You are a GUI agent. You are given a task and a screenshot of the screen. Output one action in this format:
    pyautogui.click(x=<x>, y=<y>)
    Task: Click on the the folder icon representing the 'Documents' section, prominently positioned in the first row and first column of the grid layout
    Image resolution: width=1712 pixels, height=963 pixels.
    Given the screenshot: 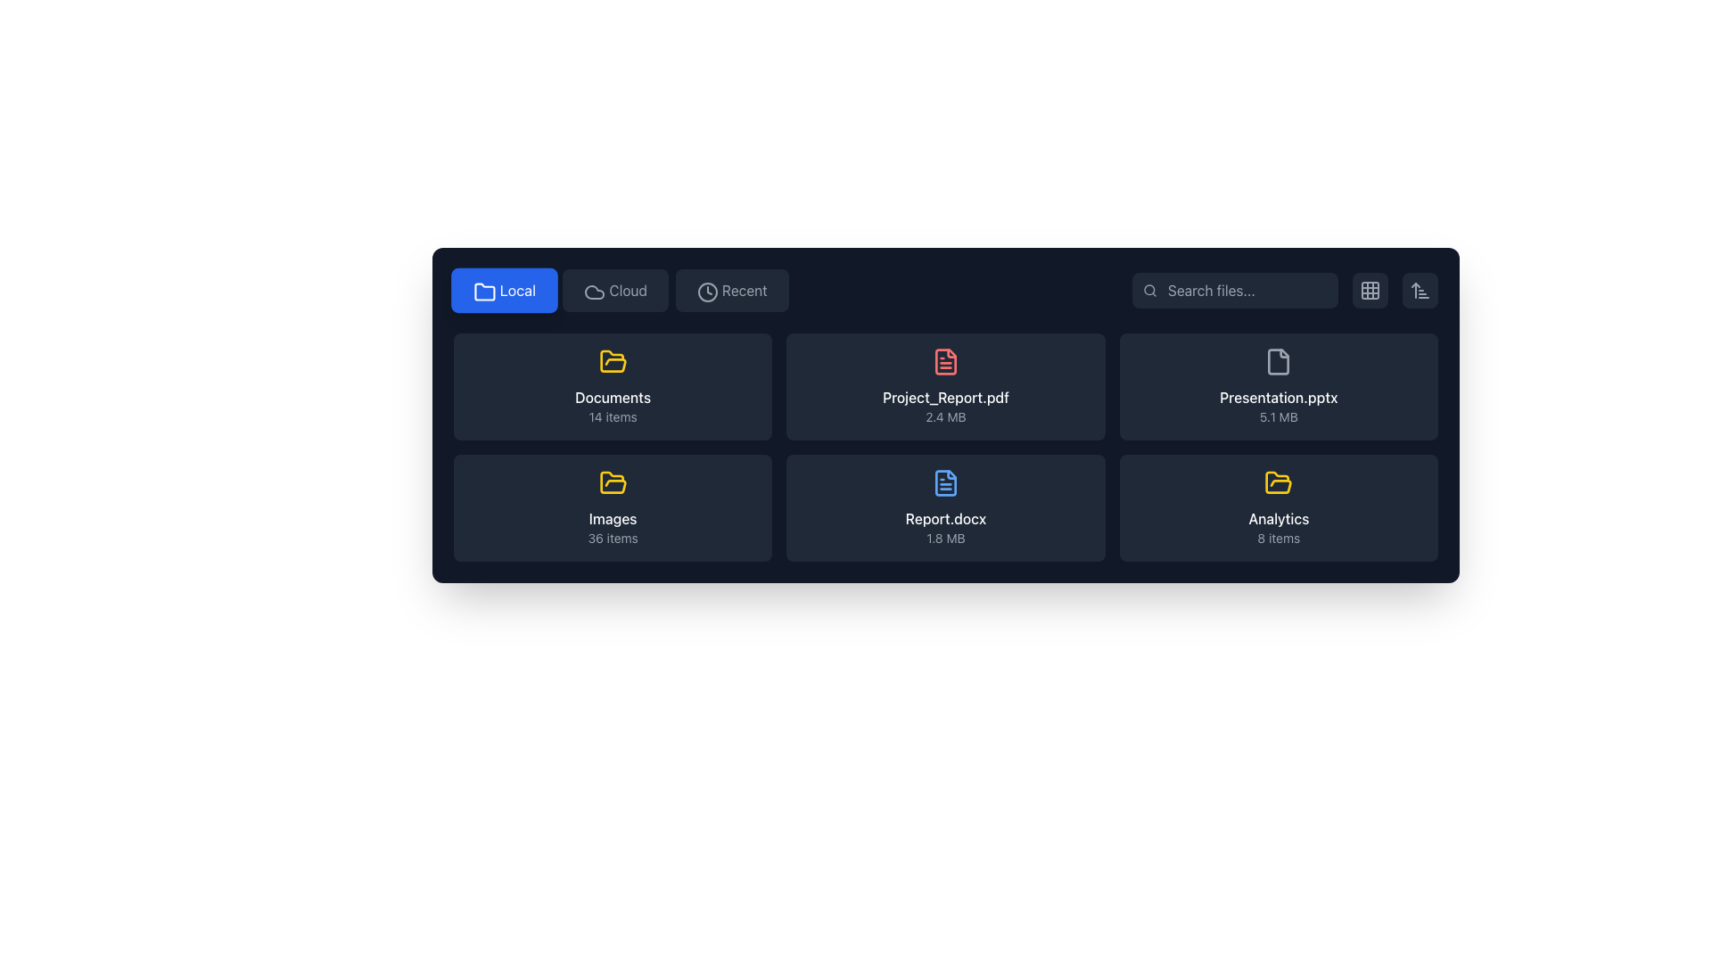 What is the action you would take?
    pyautogui.click(x=613, y=361)
    